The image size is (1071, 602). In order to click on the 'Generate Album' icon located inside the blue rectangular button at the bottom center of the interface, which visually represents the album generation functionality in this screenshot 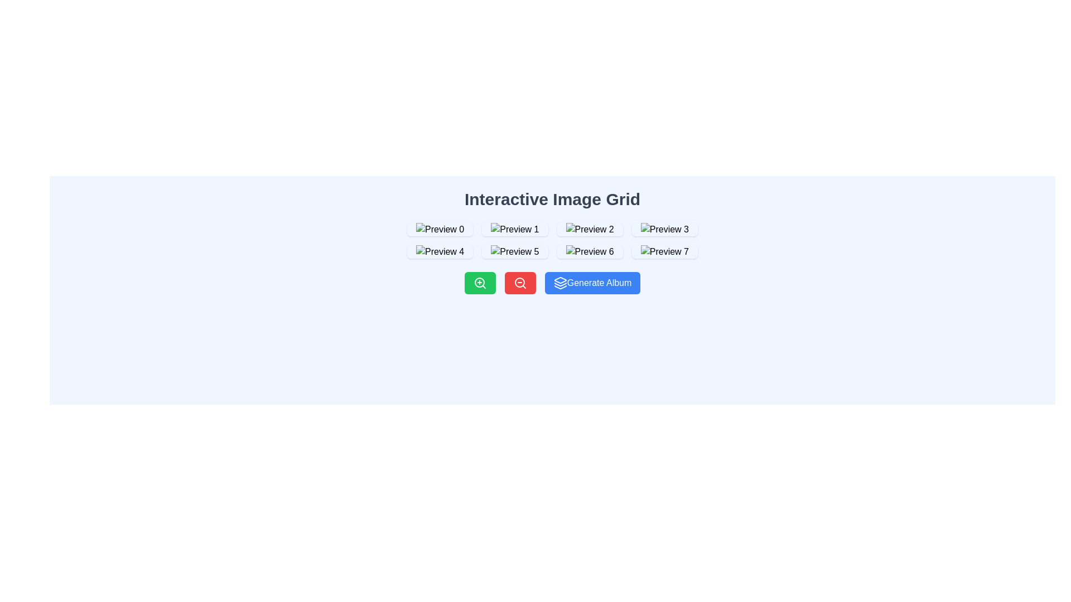, I will do `click(560, 283)`.